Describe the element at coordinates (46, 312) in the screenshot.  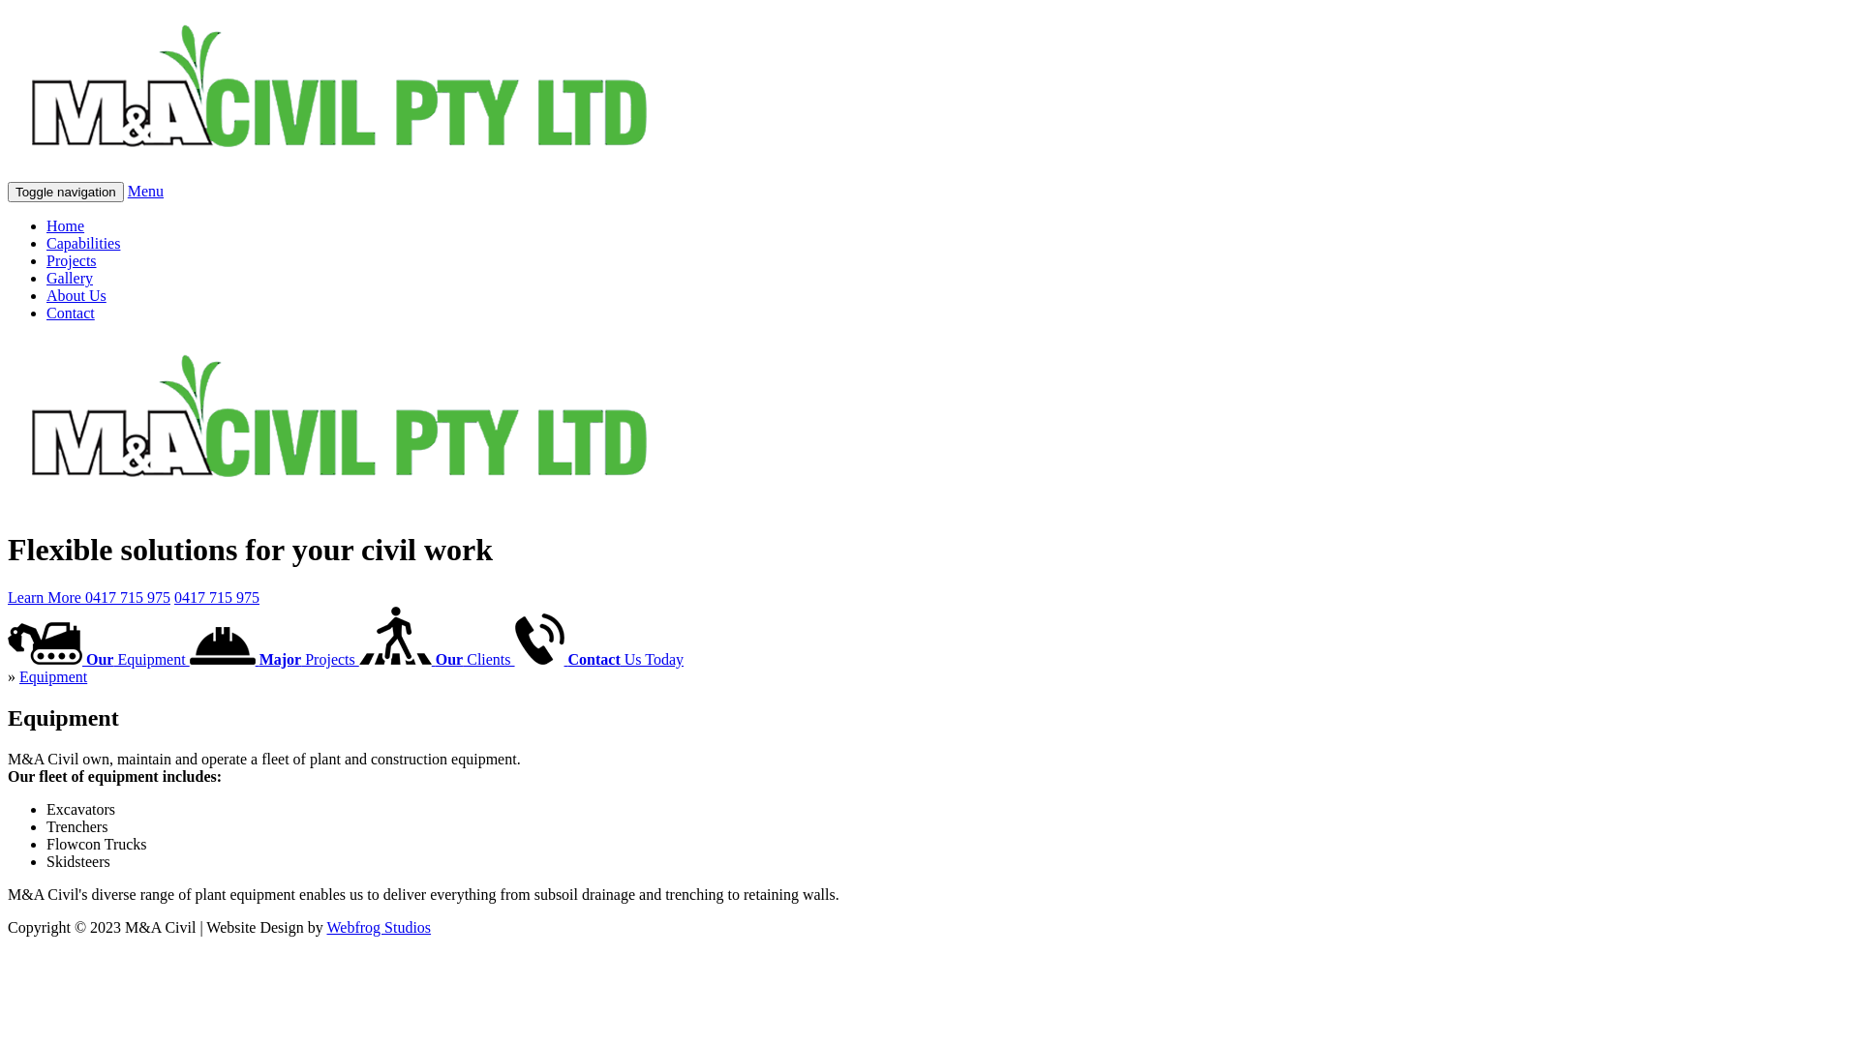
I see `'Contact'` at that location.